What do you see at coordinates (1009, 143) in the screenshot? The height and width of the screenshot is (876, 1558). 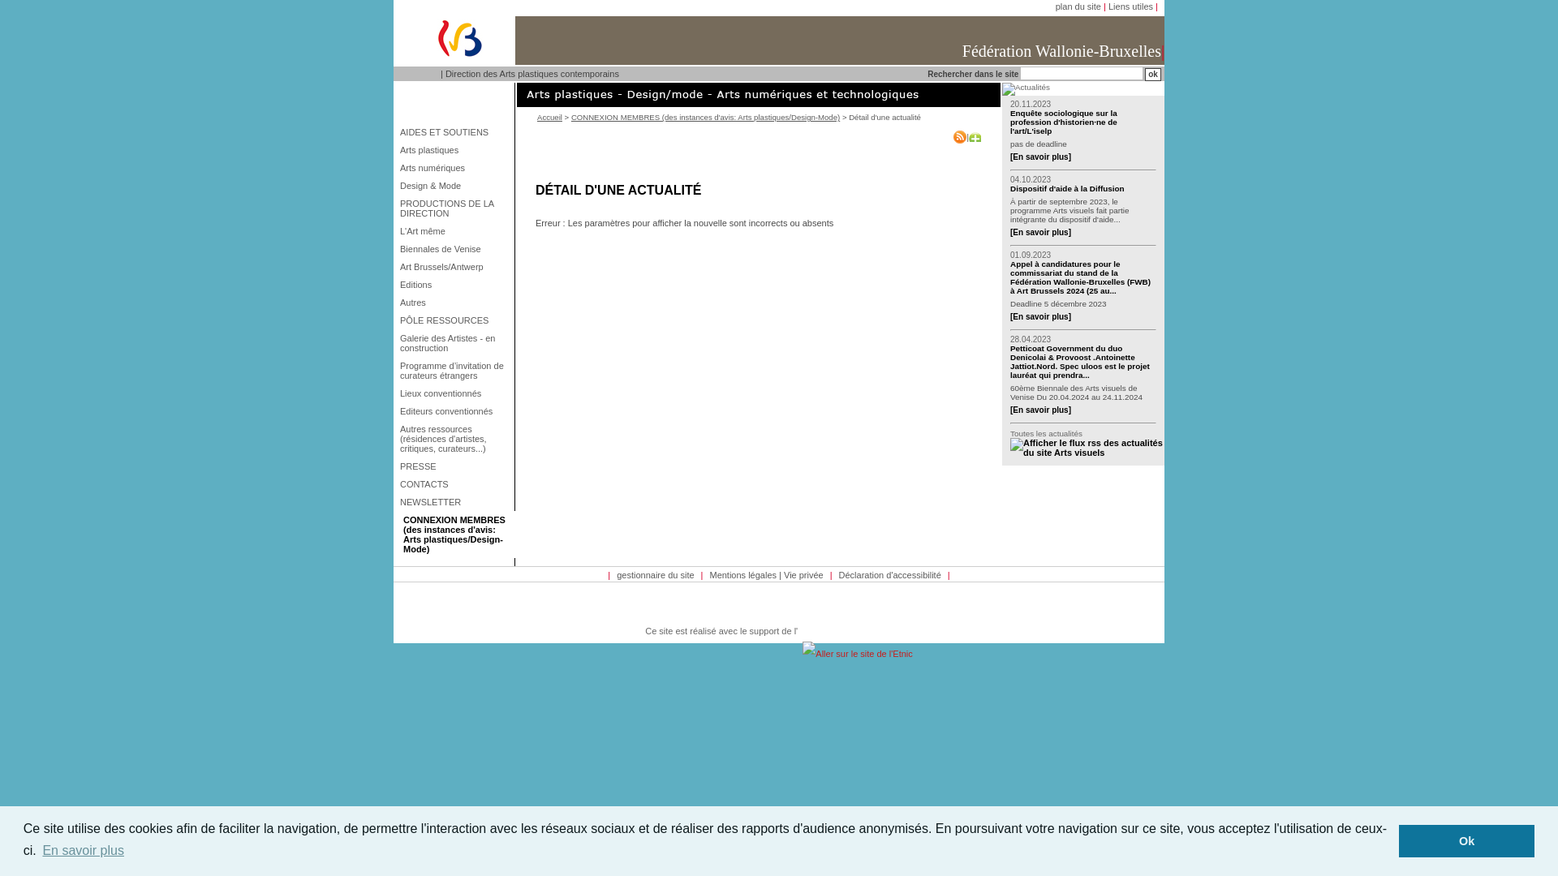 I see `'pas de deadline'` at bounding box center [1009, 143].